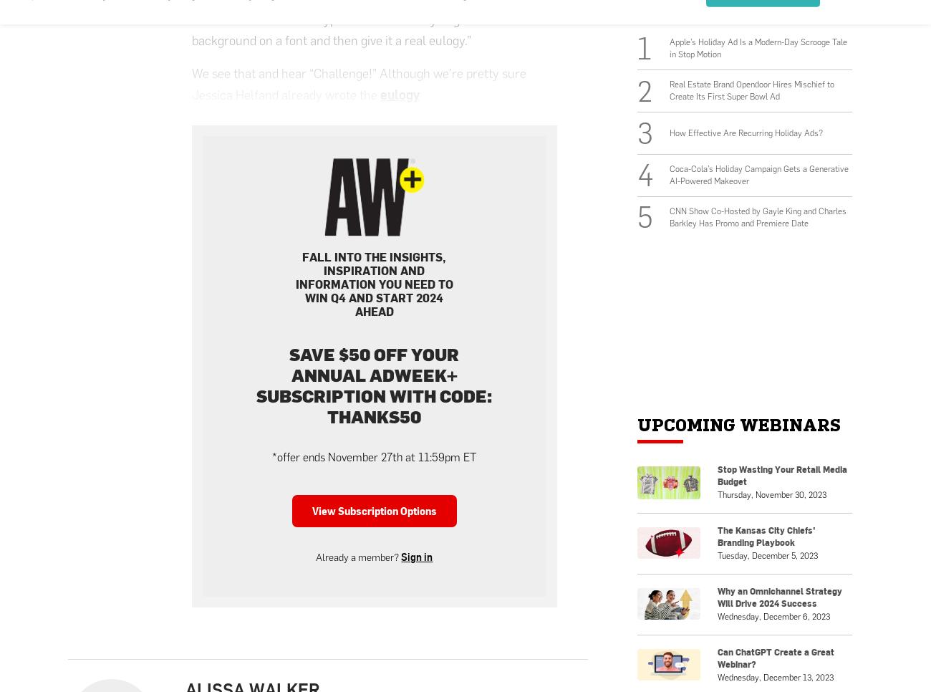 Image resolution: width=931 pixels, height=692 pixels. Describe the element at coordinates (416, 556) in the screenshot. I see `'Sign in'` at that location.